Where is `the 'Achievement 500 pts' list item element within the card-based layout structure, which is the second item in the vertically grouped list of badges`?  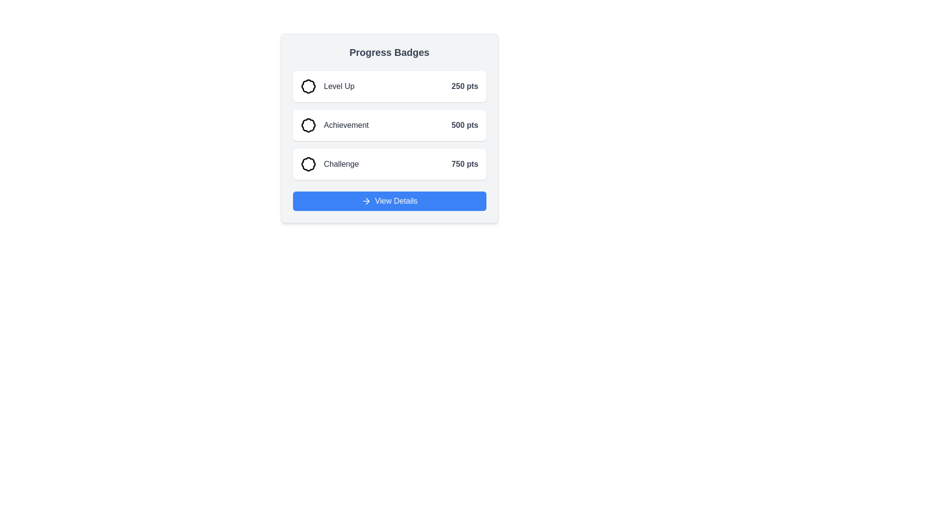 the 'Achievement 500 pts' list item element within the card-based layout structure, which is the second item in the vertically grouped list of badges is located at coordinates (389, 125).